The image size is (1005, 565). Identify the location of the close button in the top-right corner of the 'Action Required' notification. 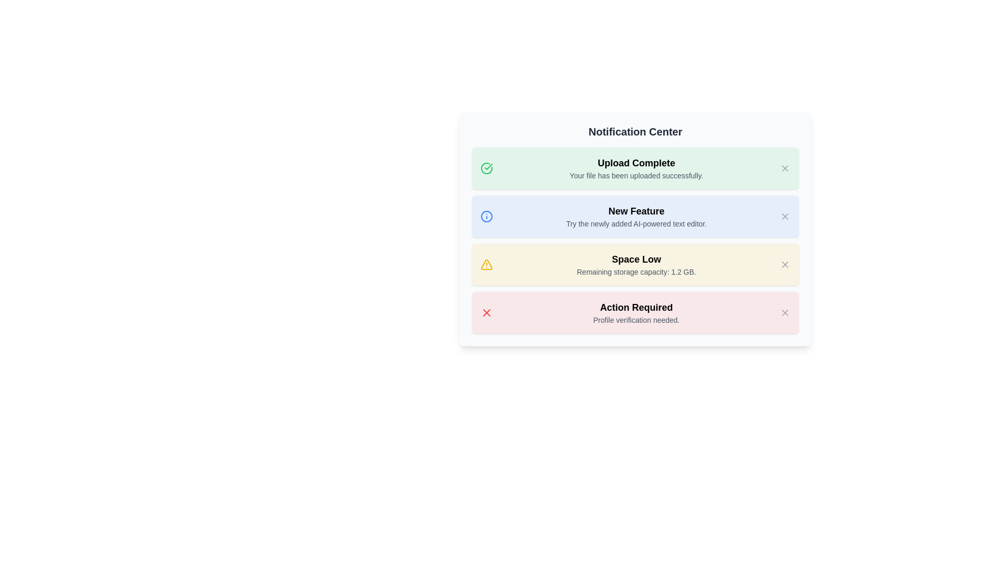
(785, 312).